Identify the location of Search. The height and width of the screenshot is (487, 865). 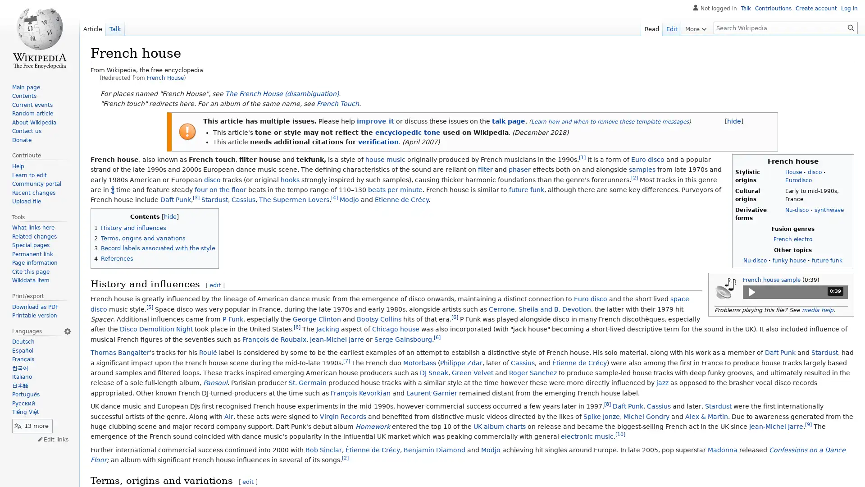
(851, 27).